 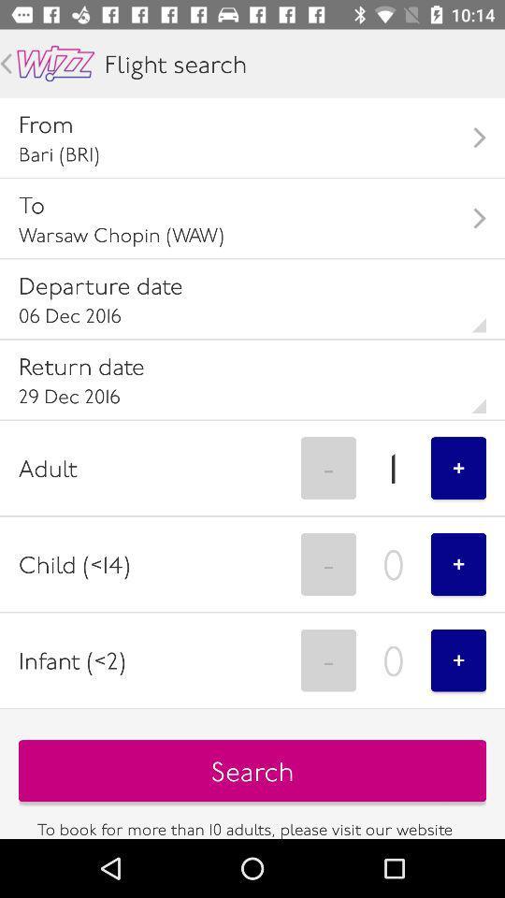 I want to click on the icon to the right of the infant (<2) item, so click(x=327, y=660).